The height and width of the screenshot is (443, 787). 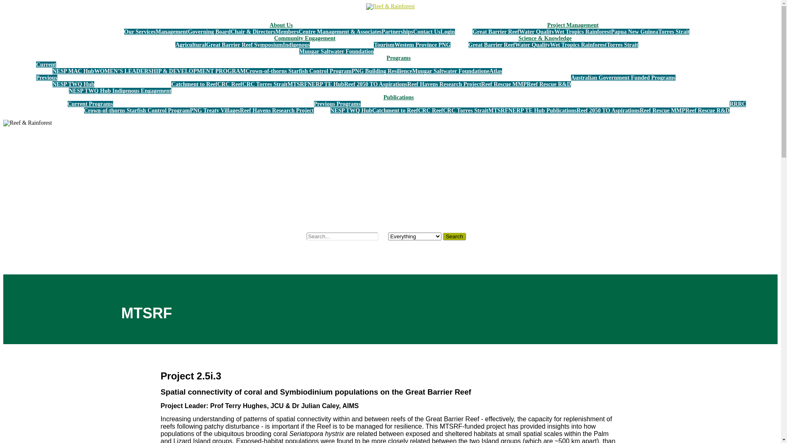 I want to click on 'Previous', so click(x=46, y=78).